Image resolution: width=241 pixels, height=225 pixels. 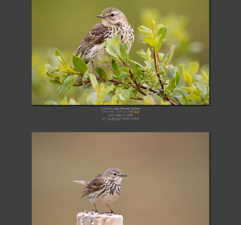 What do you see at coordinates (134, 111) in the screenshot?
I see `'MAP'` at bounding box center [134, 111].